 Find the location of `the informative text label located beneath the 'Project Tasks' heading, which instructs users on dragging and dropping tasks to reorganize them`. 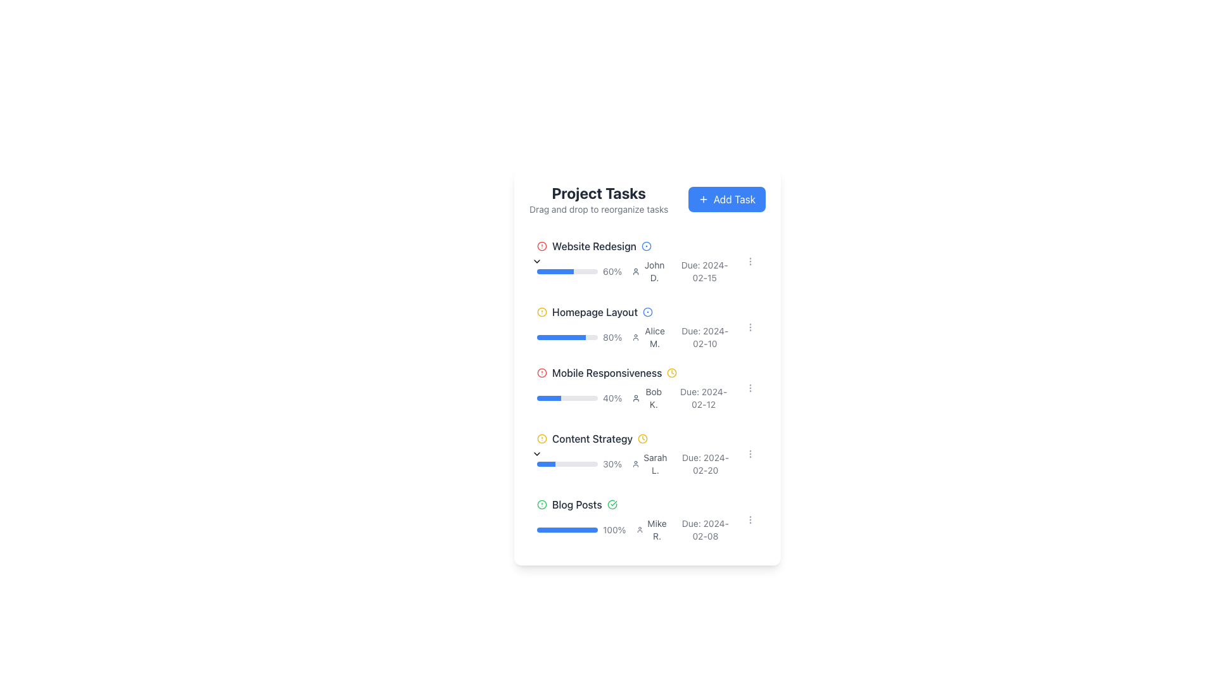

the informative text label located beneath the 'Project Tasks' heading, which instructs users on dragging and dropping tasks to reorganize them is located at coordinates (598, 209).